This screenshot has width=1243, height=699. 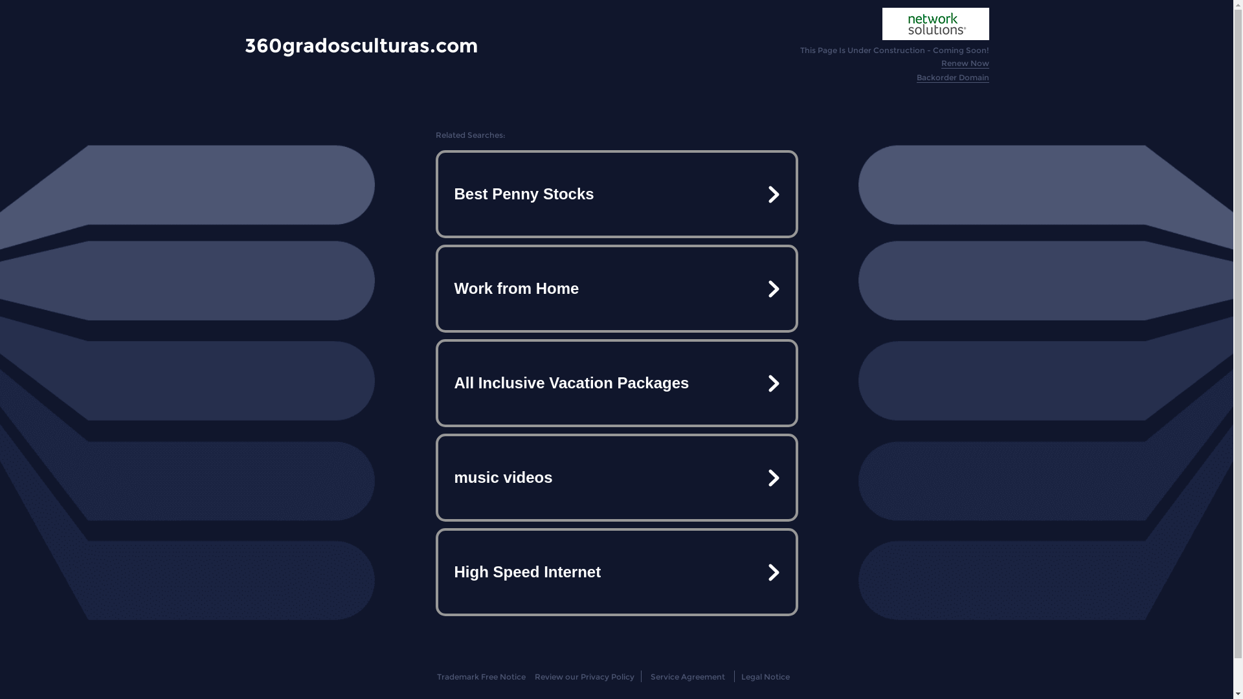 What do you see at coordinates (615, 571) in the screenshot?
I see `'High Speed Internet'` at bounding box center [615, 571].